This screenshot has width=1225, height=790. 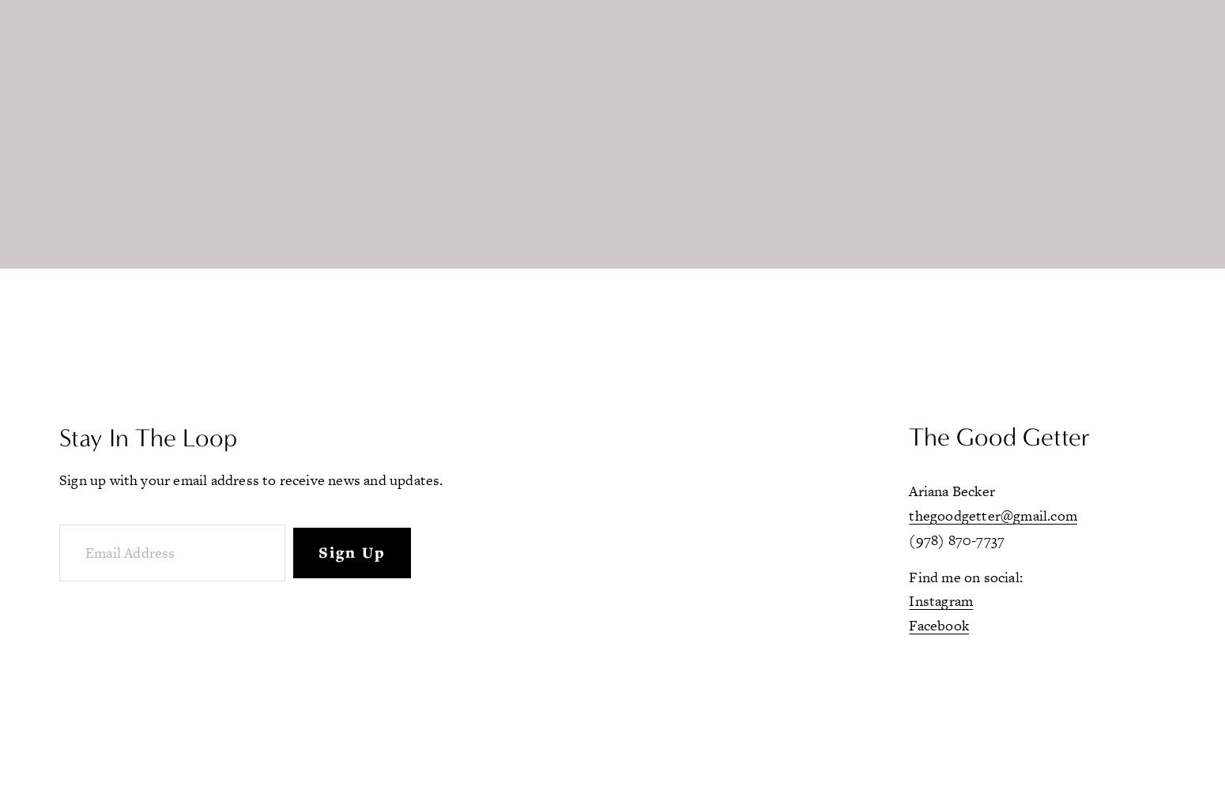 I want to click on 'Blog', so click(x=176, y=124).